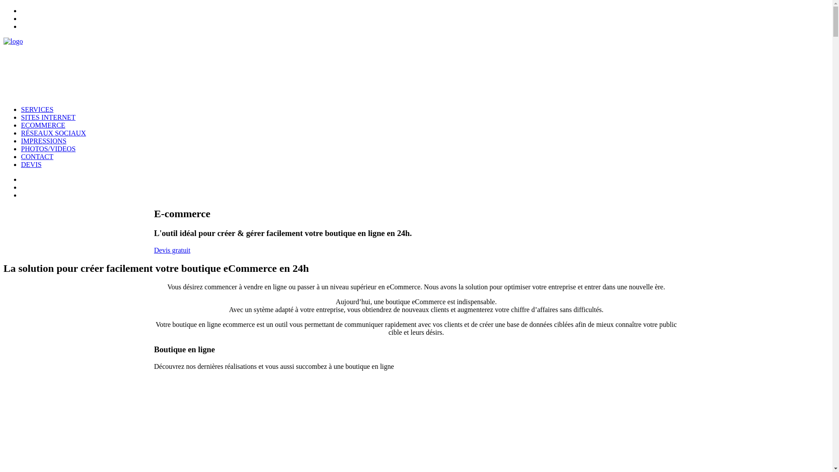 This screenshot has width=839, height=472. Describe the element at coordinates (37, 156) in the screenshot. I see `'CONTACT'` at that location.